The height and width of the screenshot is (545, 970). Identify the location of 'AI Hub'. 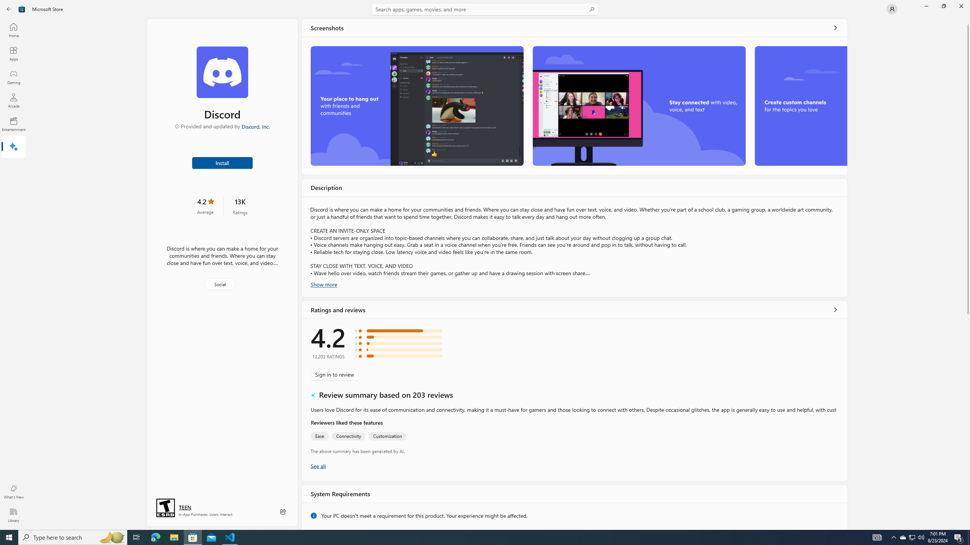
(13, 147).